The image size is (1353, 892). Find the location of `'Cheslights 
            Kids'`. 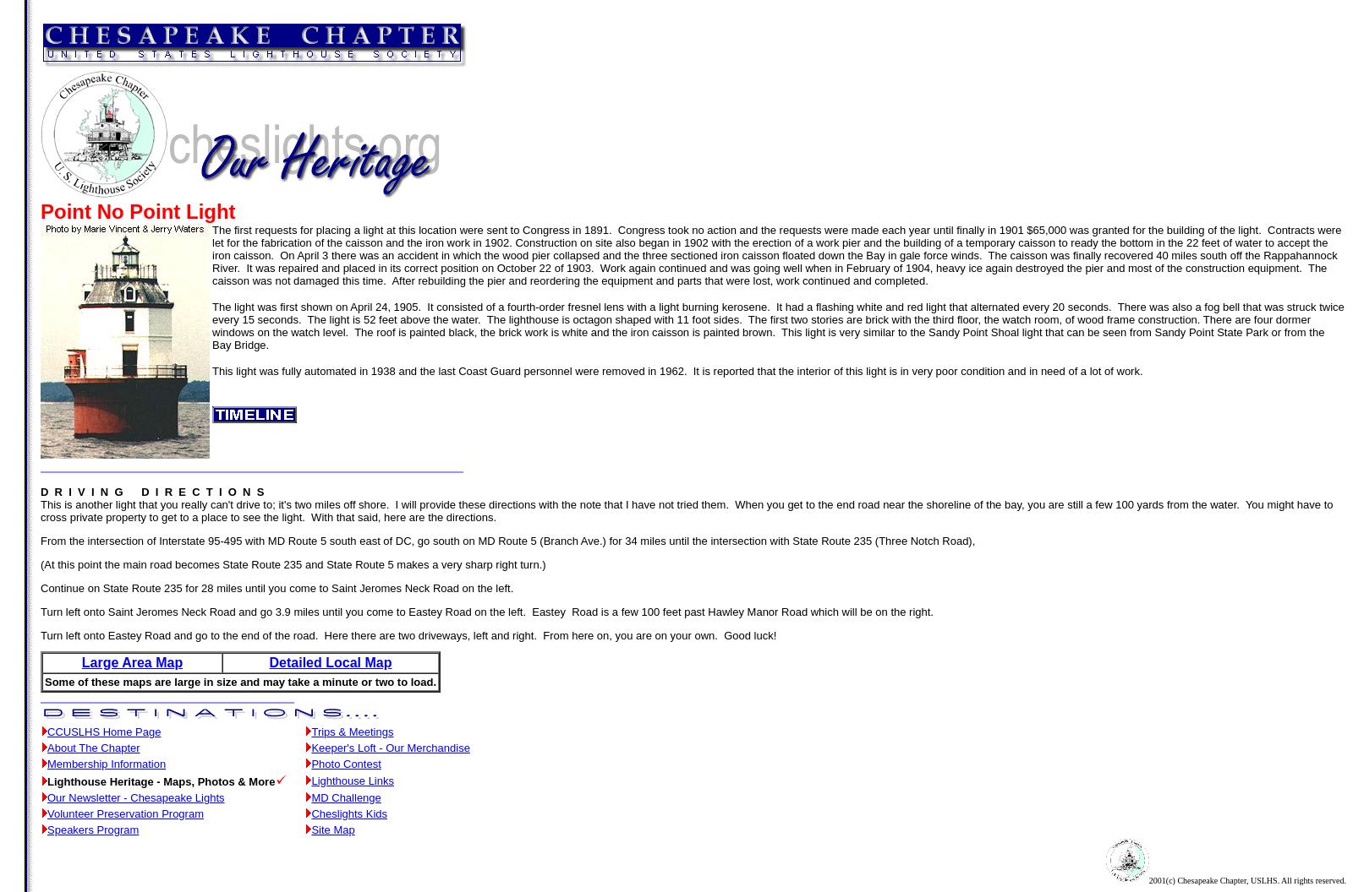

'Cheslights 
            Kids' is located at coordinates (311, 813).